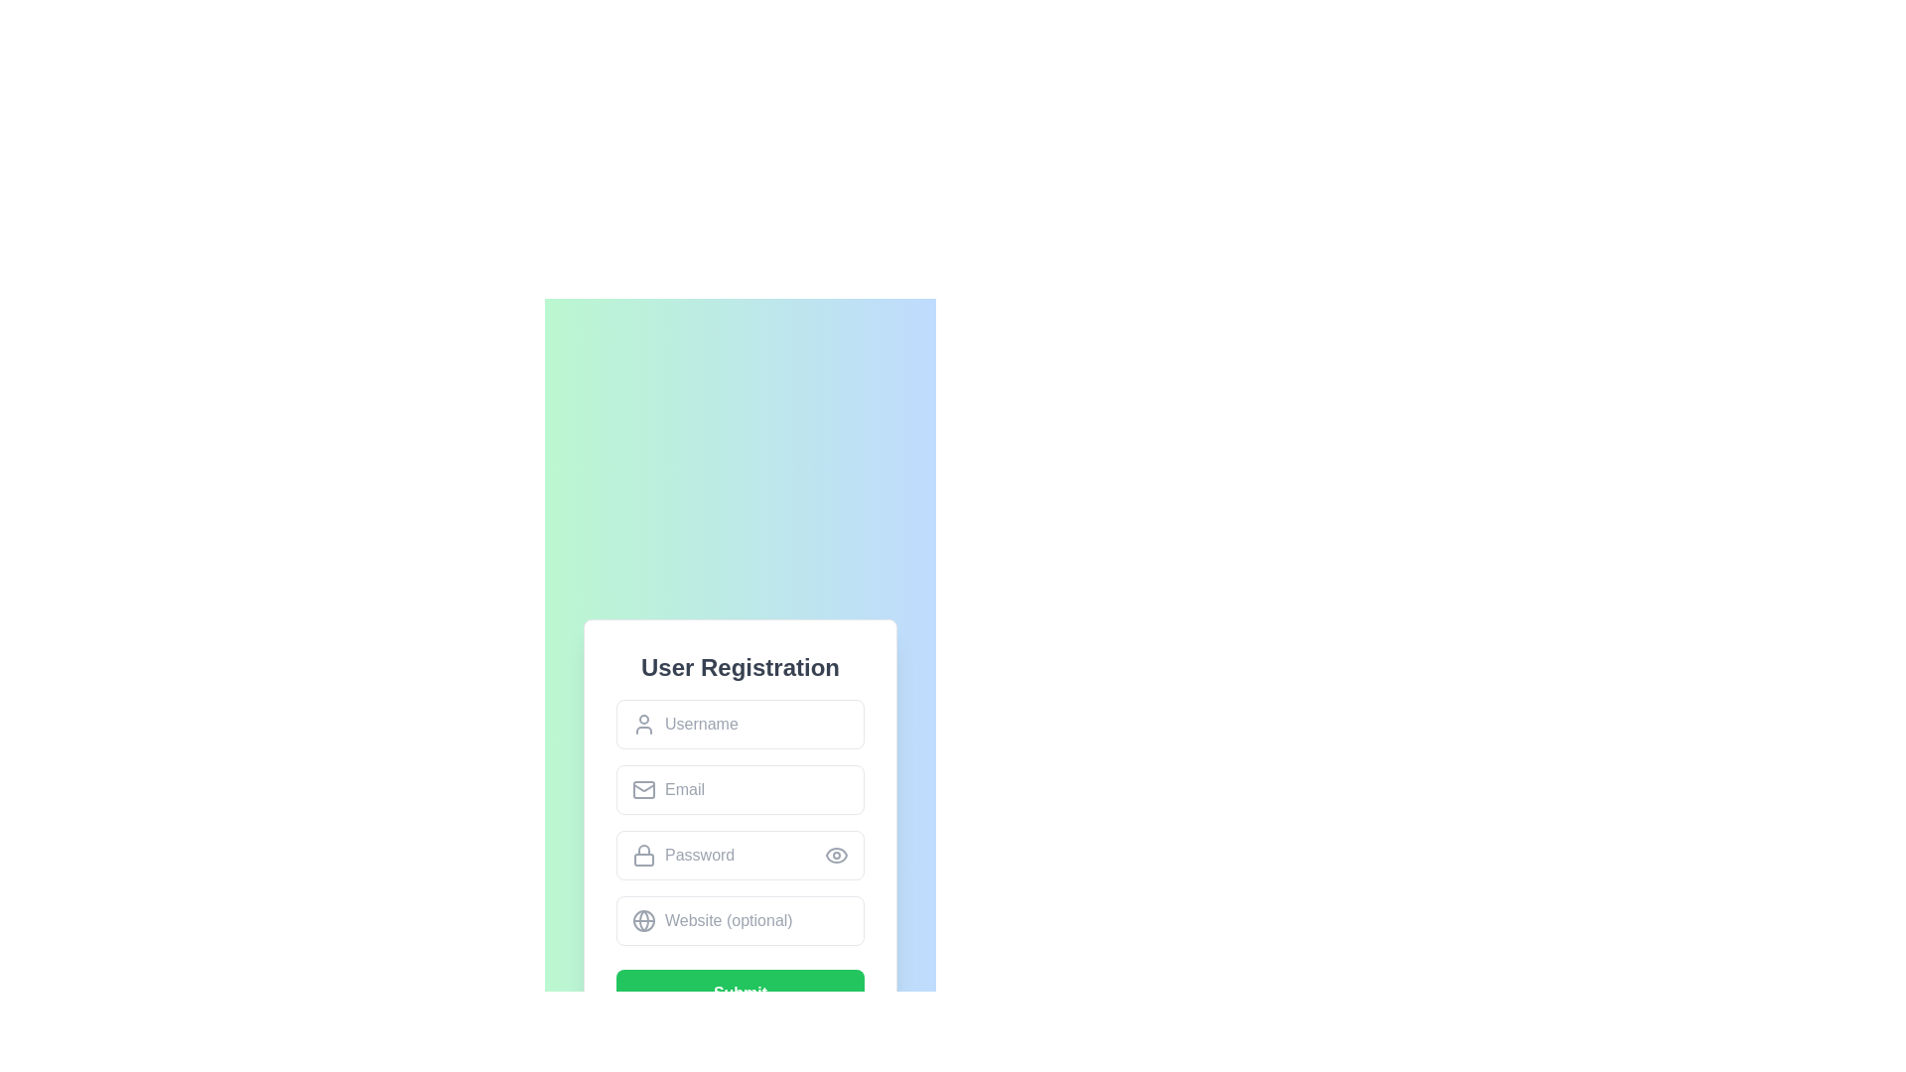 The height and width of the screenshot is (1072, 1906). I want to click on the Text input field for website URL located above the submission button to focus the input, so click(739, 921).